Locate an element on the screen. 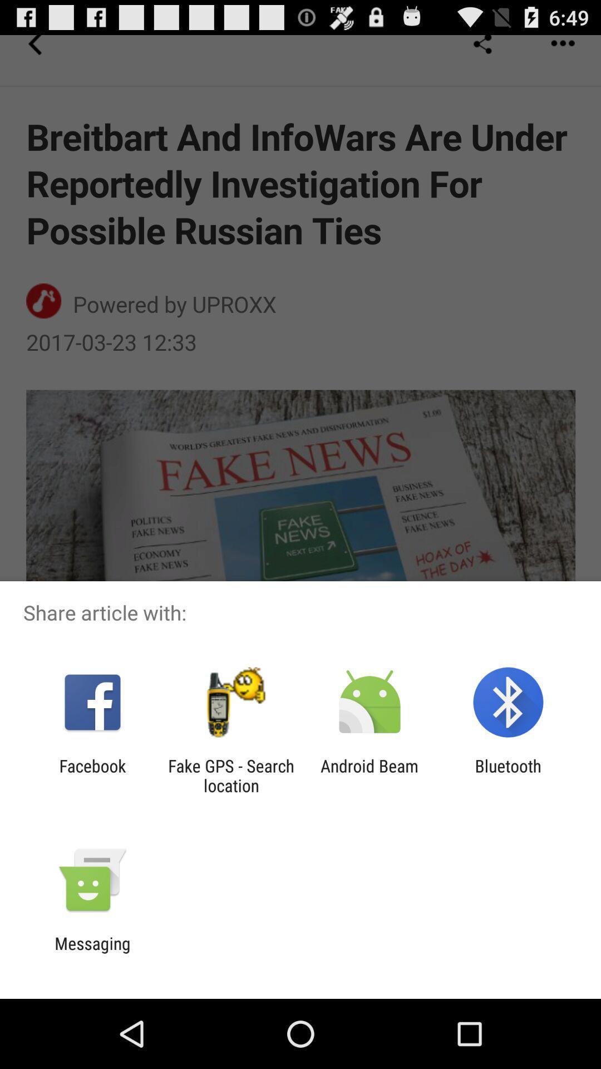 The width and height of the screenshot is (601, 1069). the icon to the right of the fake gps search app is located at coordinates (370, 775).